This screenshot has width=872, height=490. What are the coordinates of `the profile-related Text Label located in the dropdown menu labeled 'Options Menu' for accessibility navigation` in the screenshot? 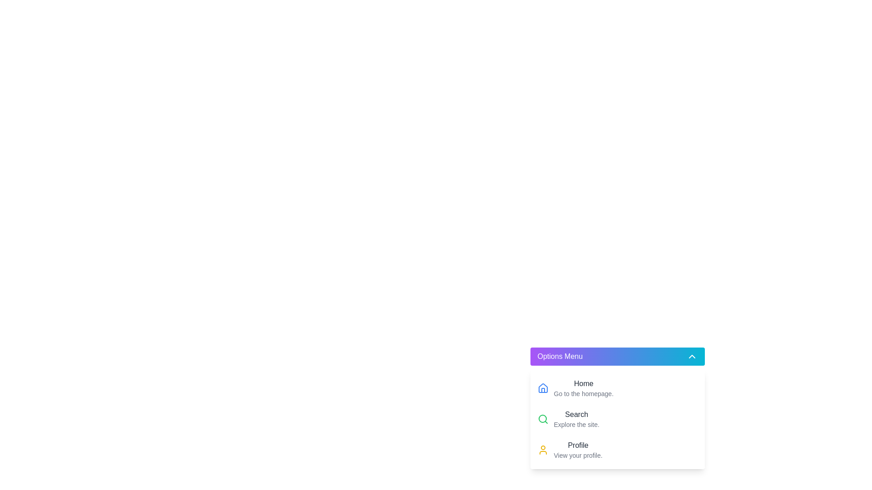 It's located at (578, 445).